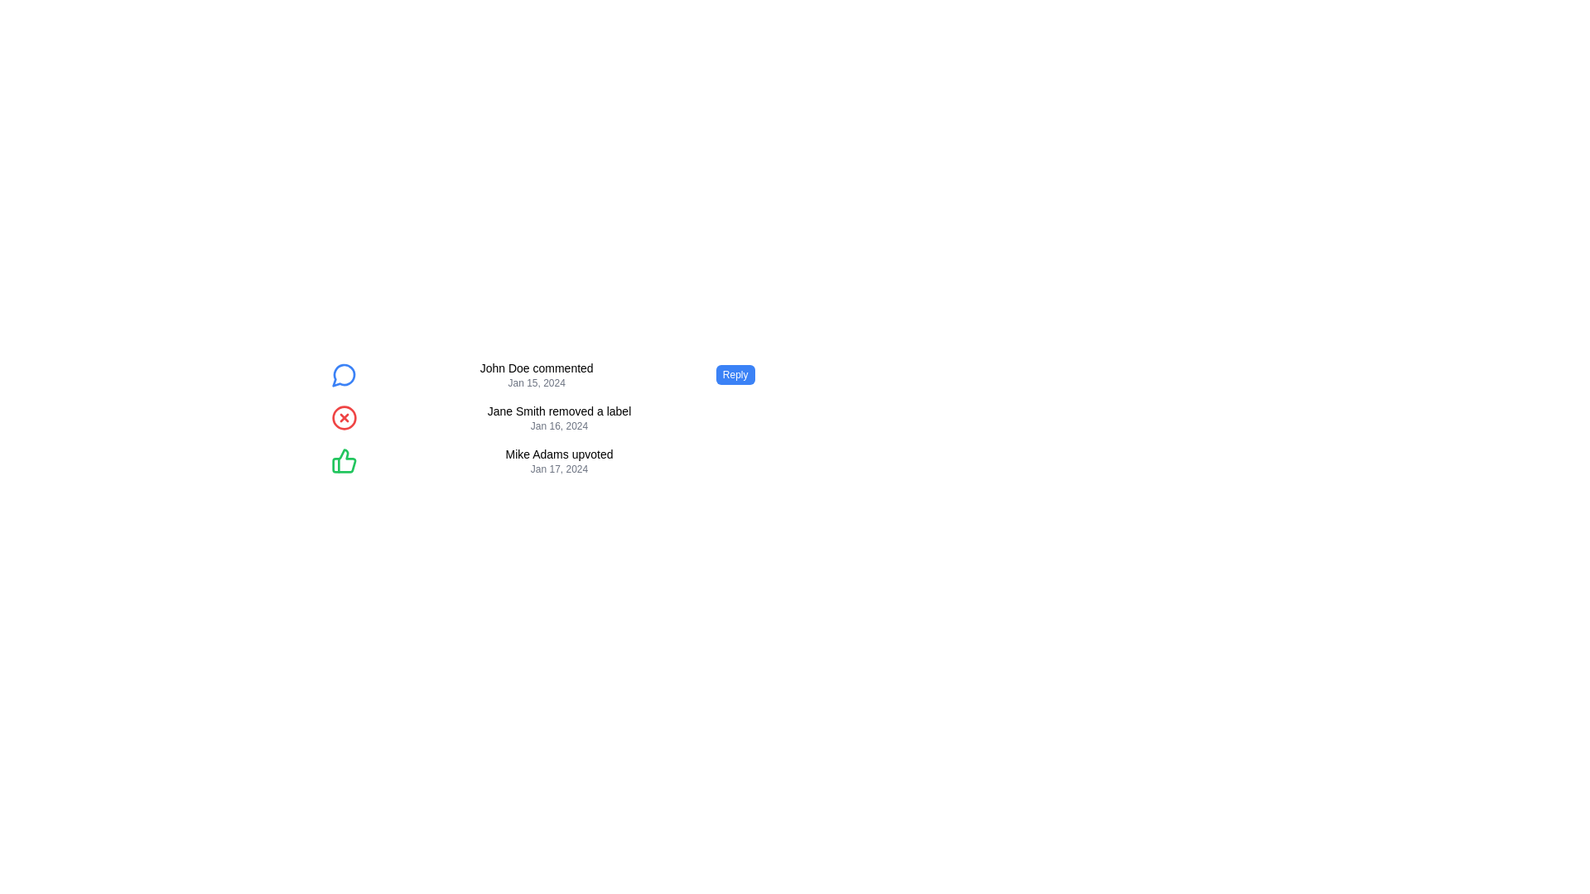 The image size is (1590, 894). What do you see at coordinates (559, 425) in the screenshot?
I see `the Text Label displaying the date 'Jan 16, 2024', which is positioned beneath the main message 'Jane Smith removed a label' in a small, gray font within the second informational group` at bounding box center [559, 425].